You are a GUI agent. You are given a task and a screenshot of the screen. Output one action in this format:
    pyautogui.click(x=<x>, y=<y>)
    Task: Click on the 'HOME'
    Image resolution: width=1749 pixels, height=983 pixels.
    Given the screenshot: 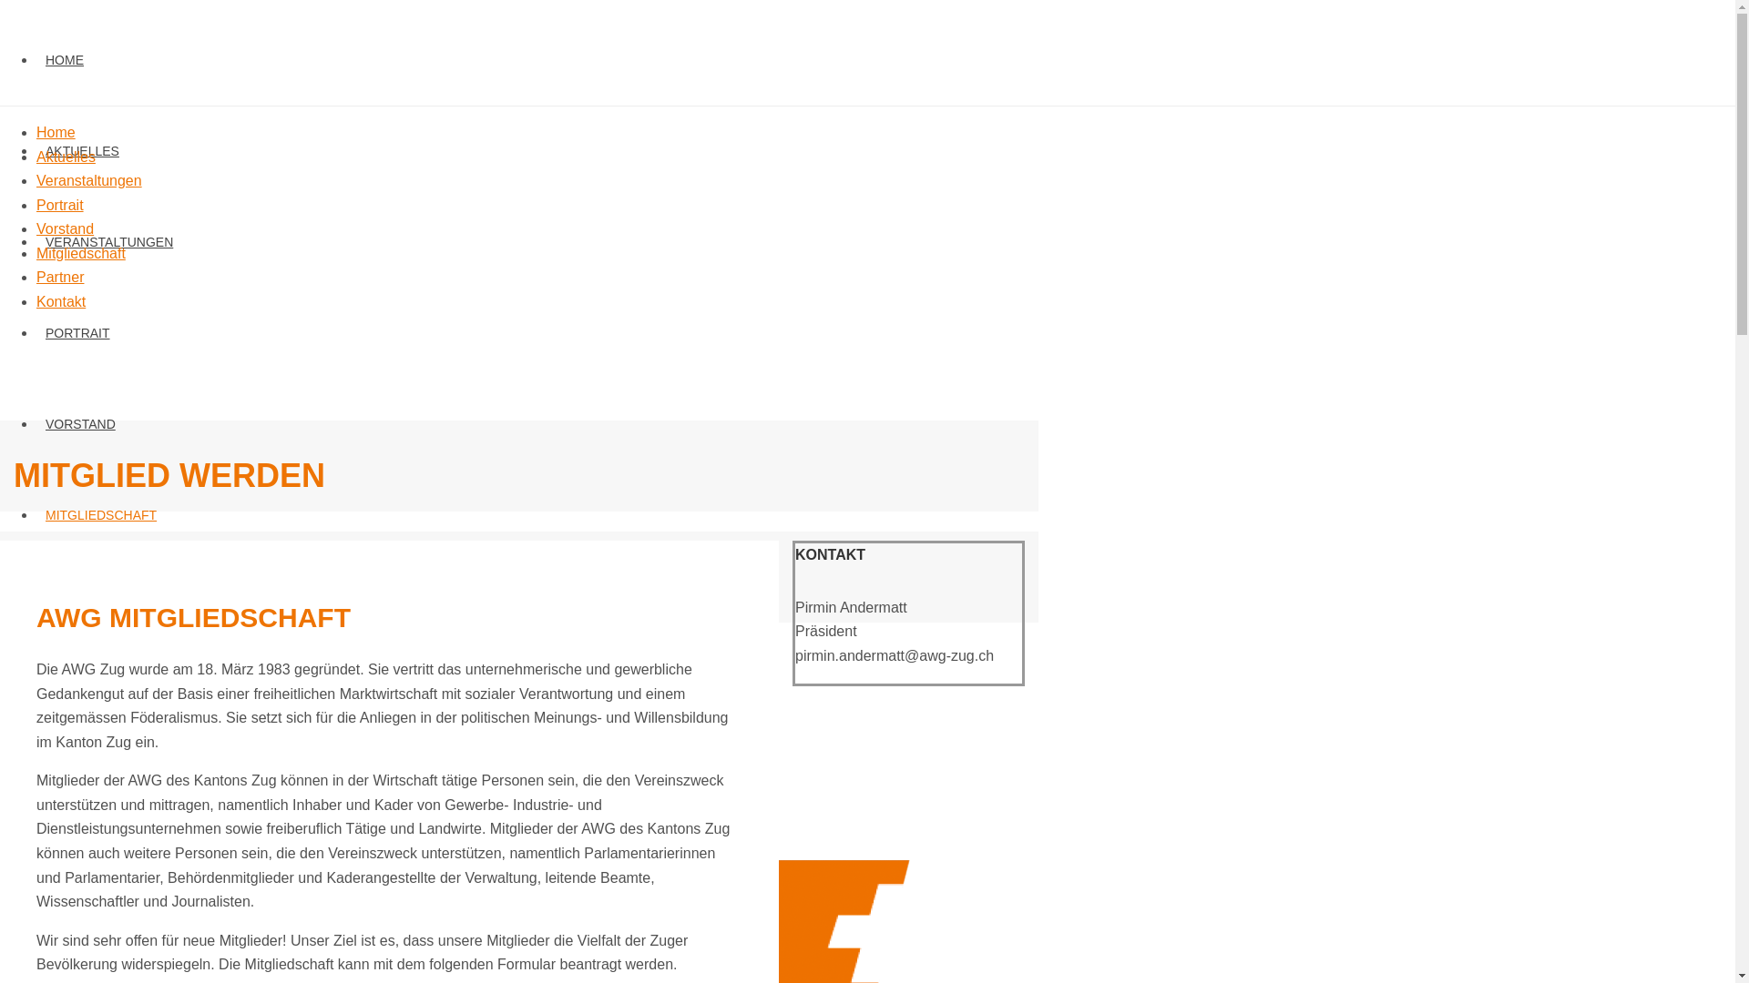 What is the action you would take?
    pyautogui.click(x=65, y=58)
    